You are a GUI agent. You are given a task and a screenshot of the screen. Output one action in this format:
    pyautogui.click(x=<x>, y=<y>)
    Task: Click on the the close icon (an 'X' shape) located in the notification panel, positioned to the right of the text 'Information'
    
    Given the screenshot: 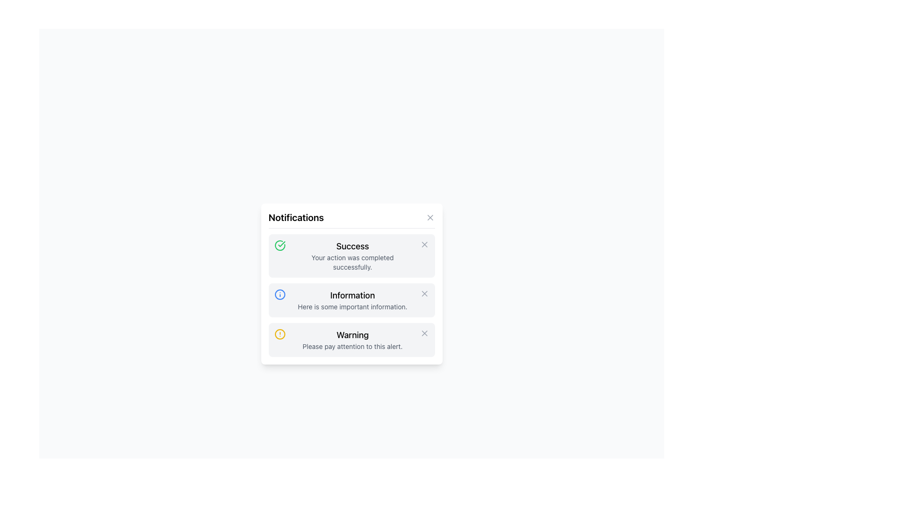 What is the action you would take?
    pyautogui.click(x=424, y=293)
    